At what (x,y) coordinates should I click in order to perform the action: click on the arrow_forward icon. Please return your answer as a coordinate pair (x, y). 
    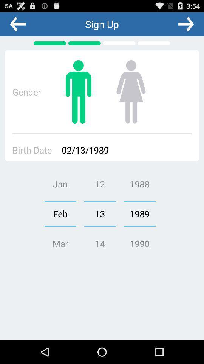
    Looking at the image, I should click on (185, 26).